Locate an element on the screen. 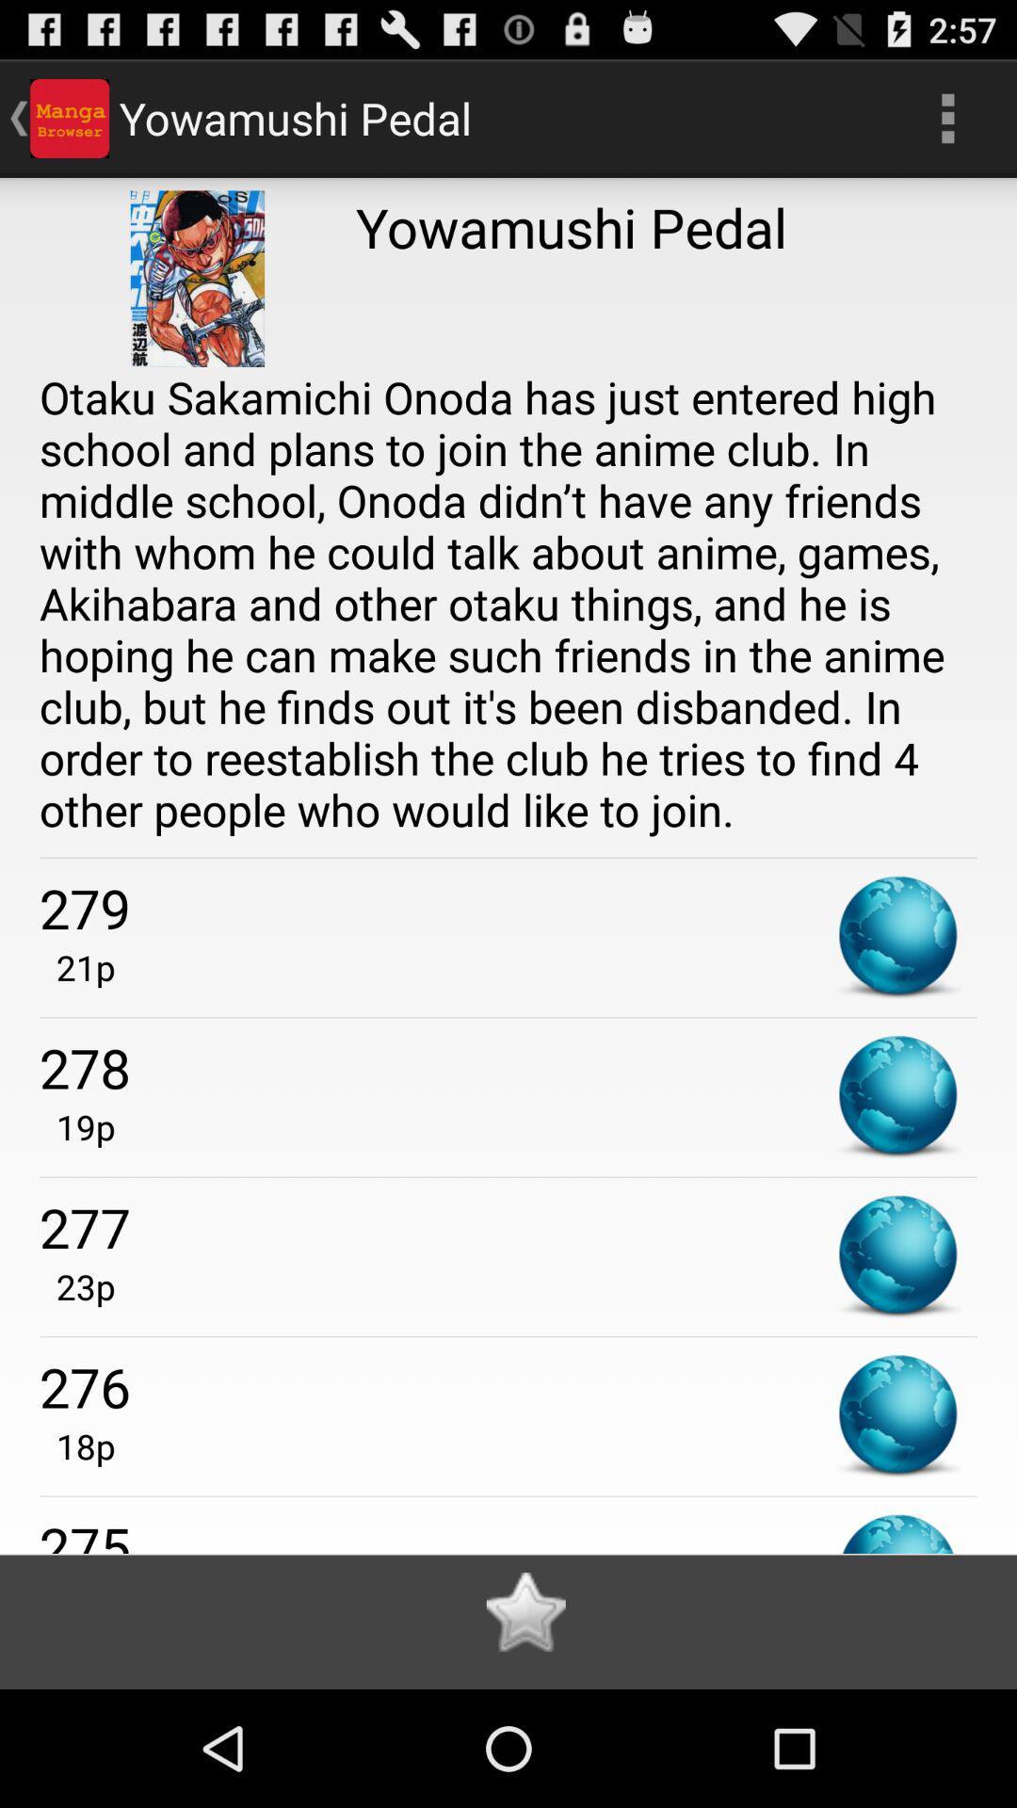 This screenshot has height=1808, width=1017. the   23p app is located at coordinates (76, 1285).